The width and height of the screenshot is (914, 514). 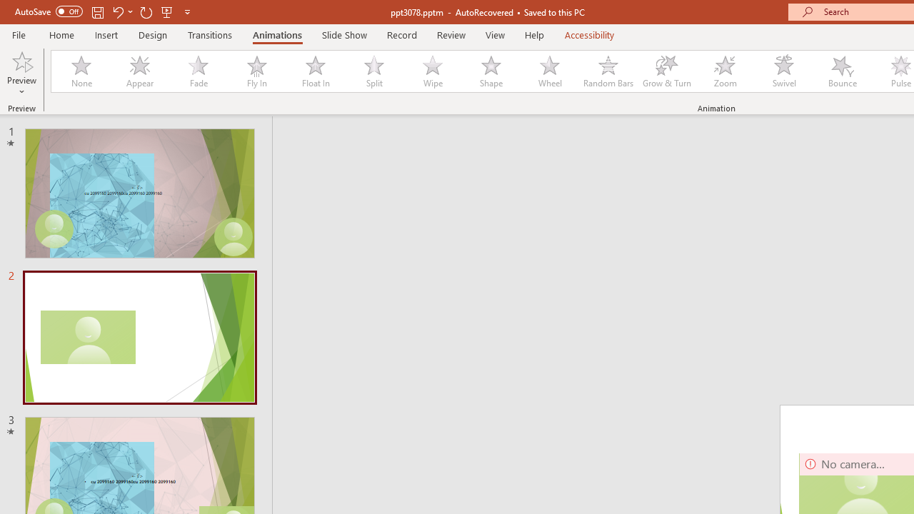 I want to click on 'Preview', so click(x=21, y=60).